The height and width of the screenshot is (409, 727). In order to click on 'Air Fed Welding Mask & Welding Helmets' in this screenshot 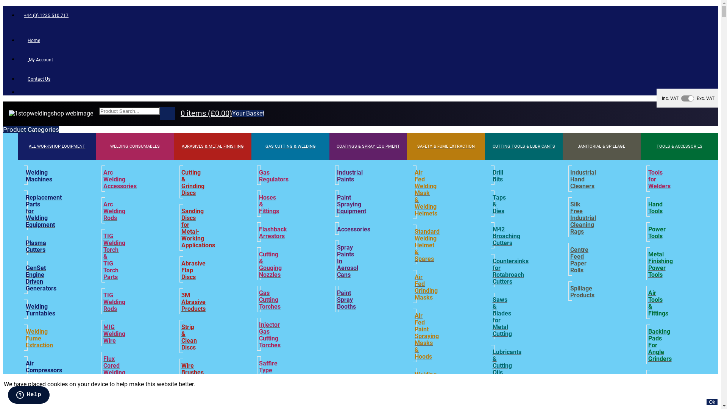, I will do `click(414, 192)`.